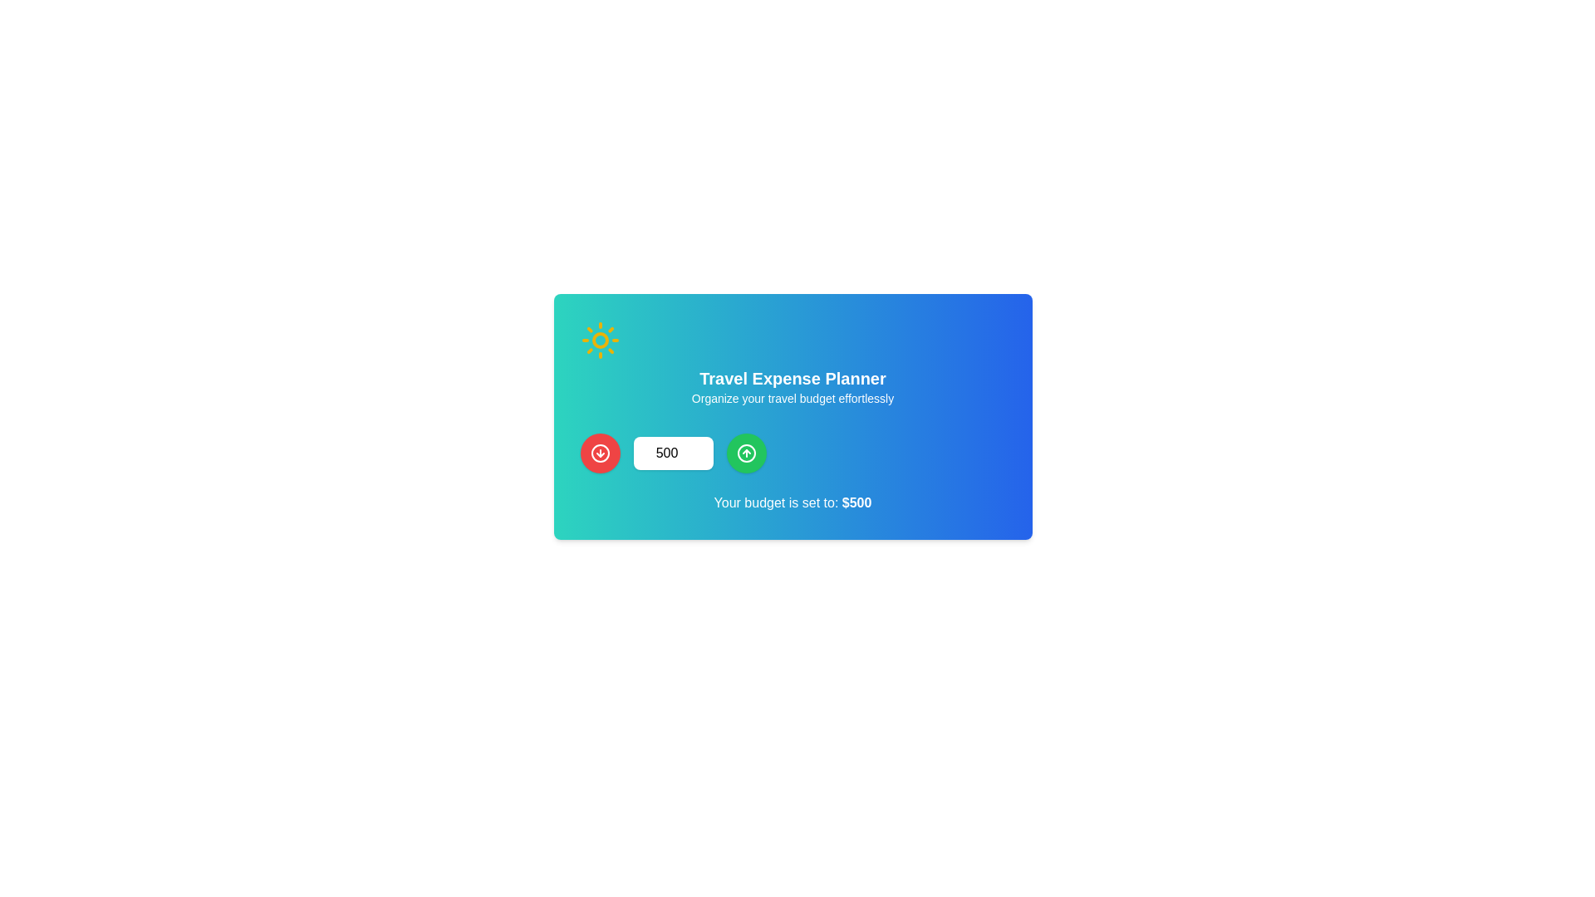  I want to click on the circular red button with a white downward arrow, so click(599, 453).